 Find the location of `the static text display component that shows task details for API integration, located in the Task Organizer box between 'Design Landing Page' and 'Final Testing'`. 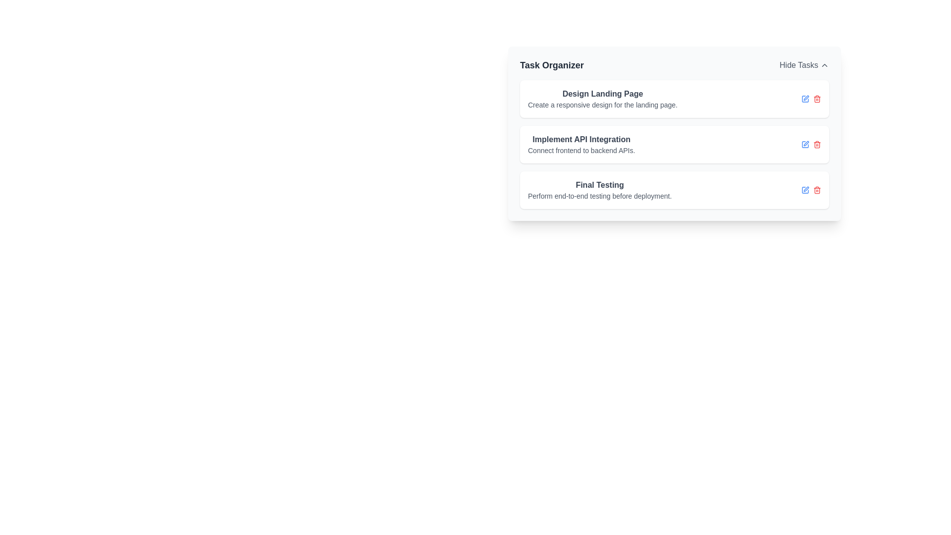

the static text display component that shows task details for API integration, located in the Task Organizer box between 'Design Landing Page' and 'Final Testing' is located at coordinates (581, 145).